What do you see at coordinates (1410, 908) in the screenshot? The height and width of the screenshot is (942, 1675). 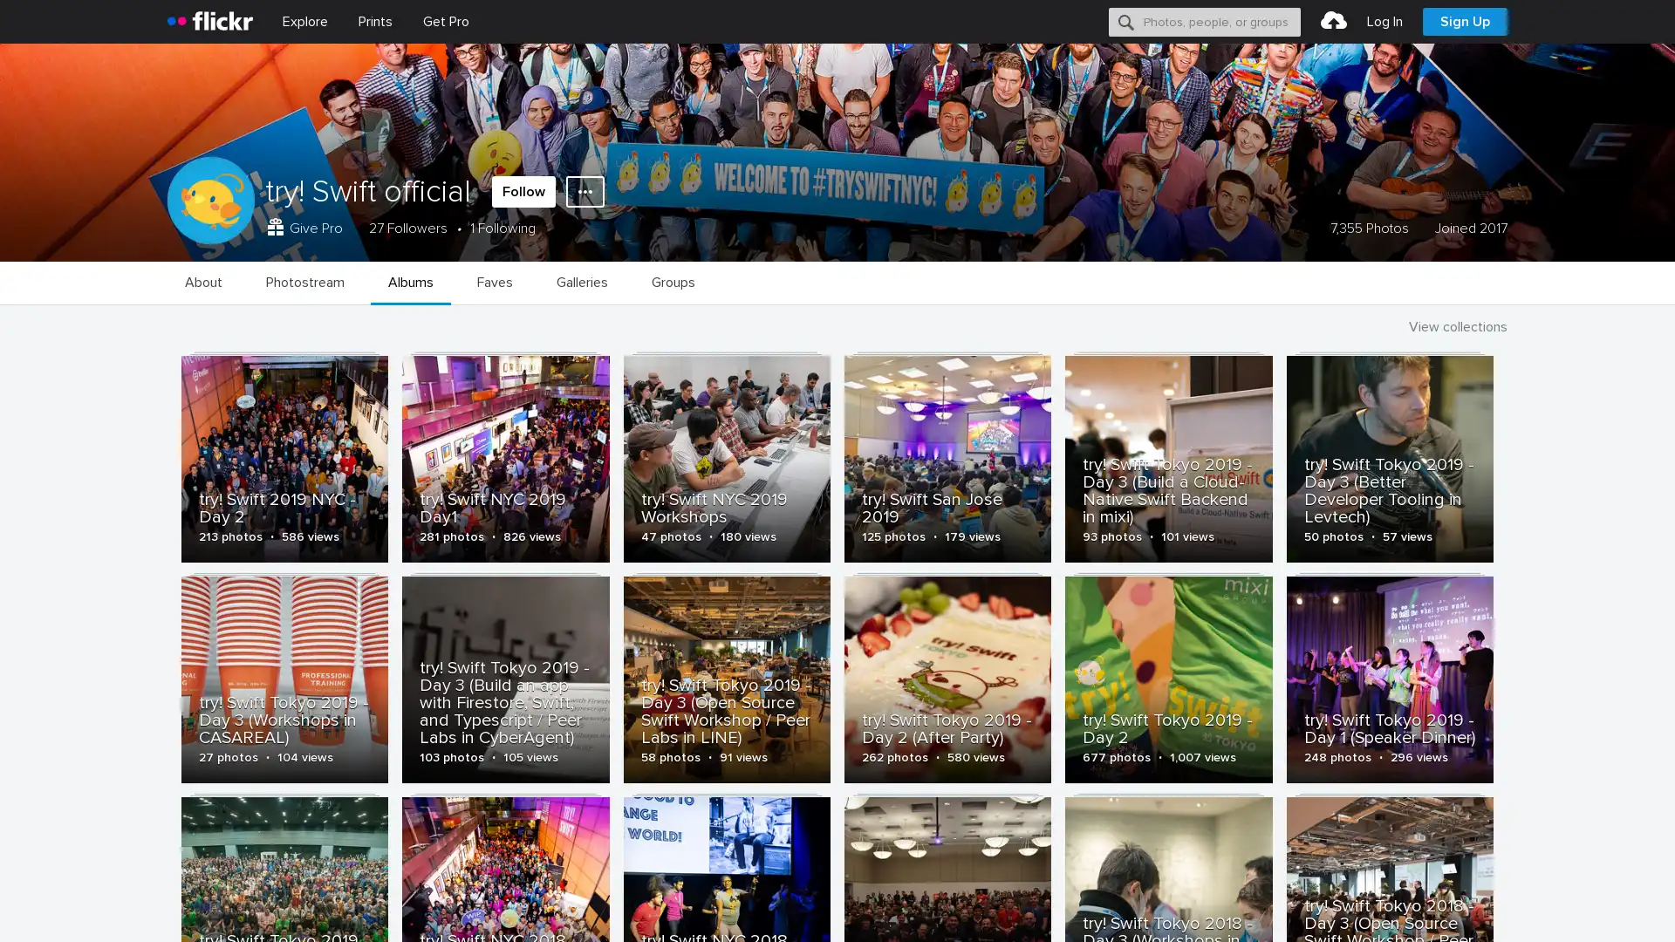 I see `Opt-out` at bounding box center [1410, 908].